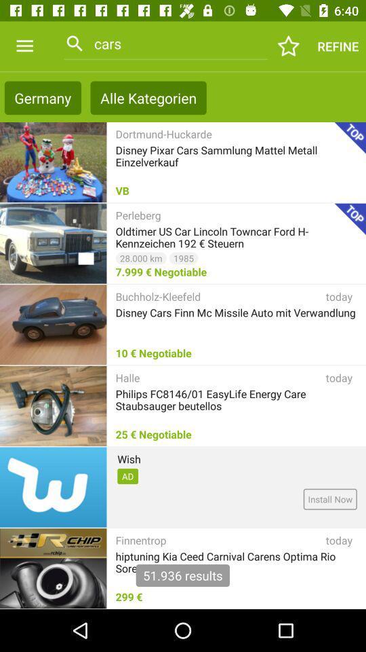  I want to click on icon next to the ad, so click(329, 499).